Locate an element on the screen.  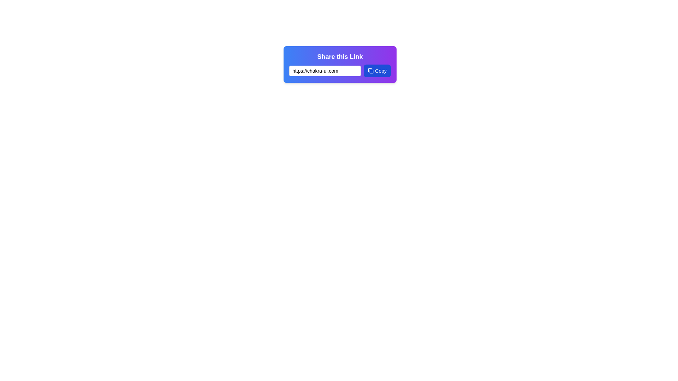
the text from the read-only text input field displaying the URL 'https://chakra-ui.com' and copy it using system functions is located at coordinates (325, 71).